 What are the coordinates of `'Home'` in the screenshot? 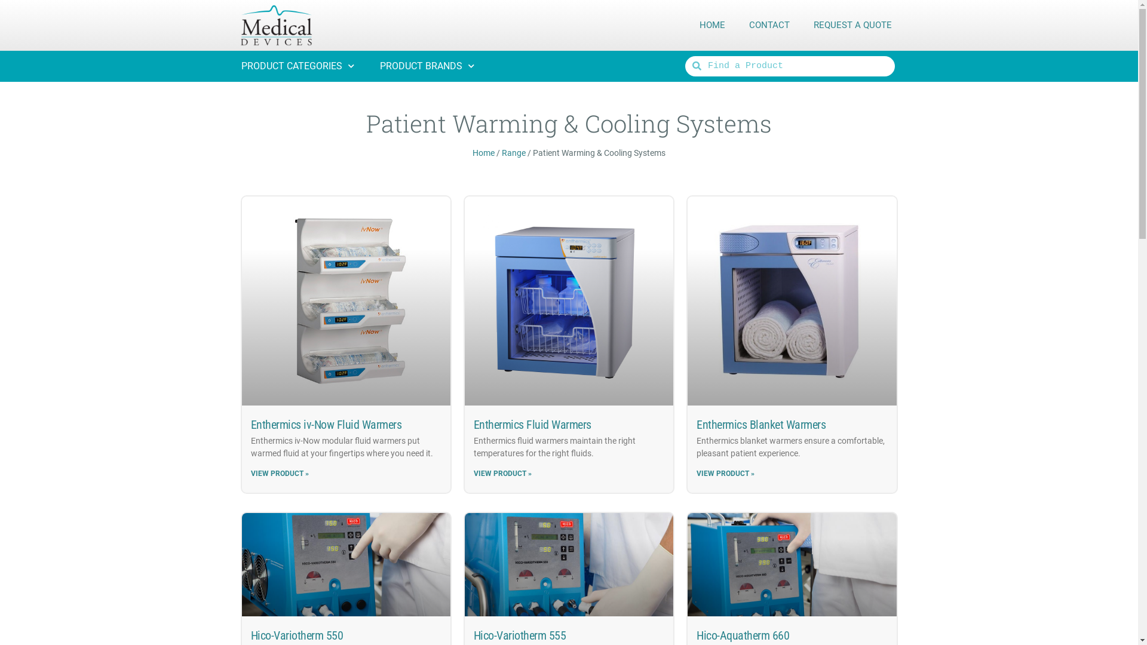 It's located at (483, 152).